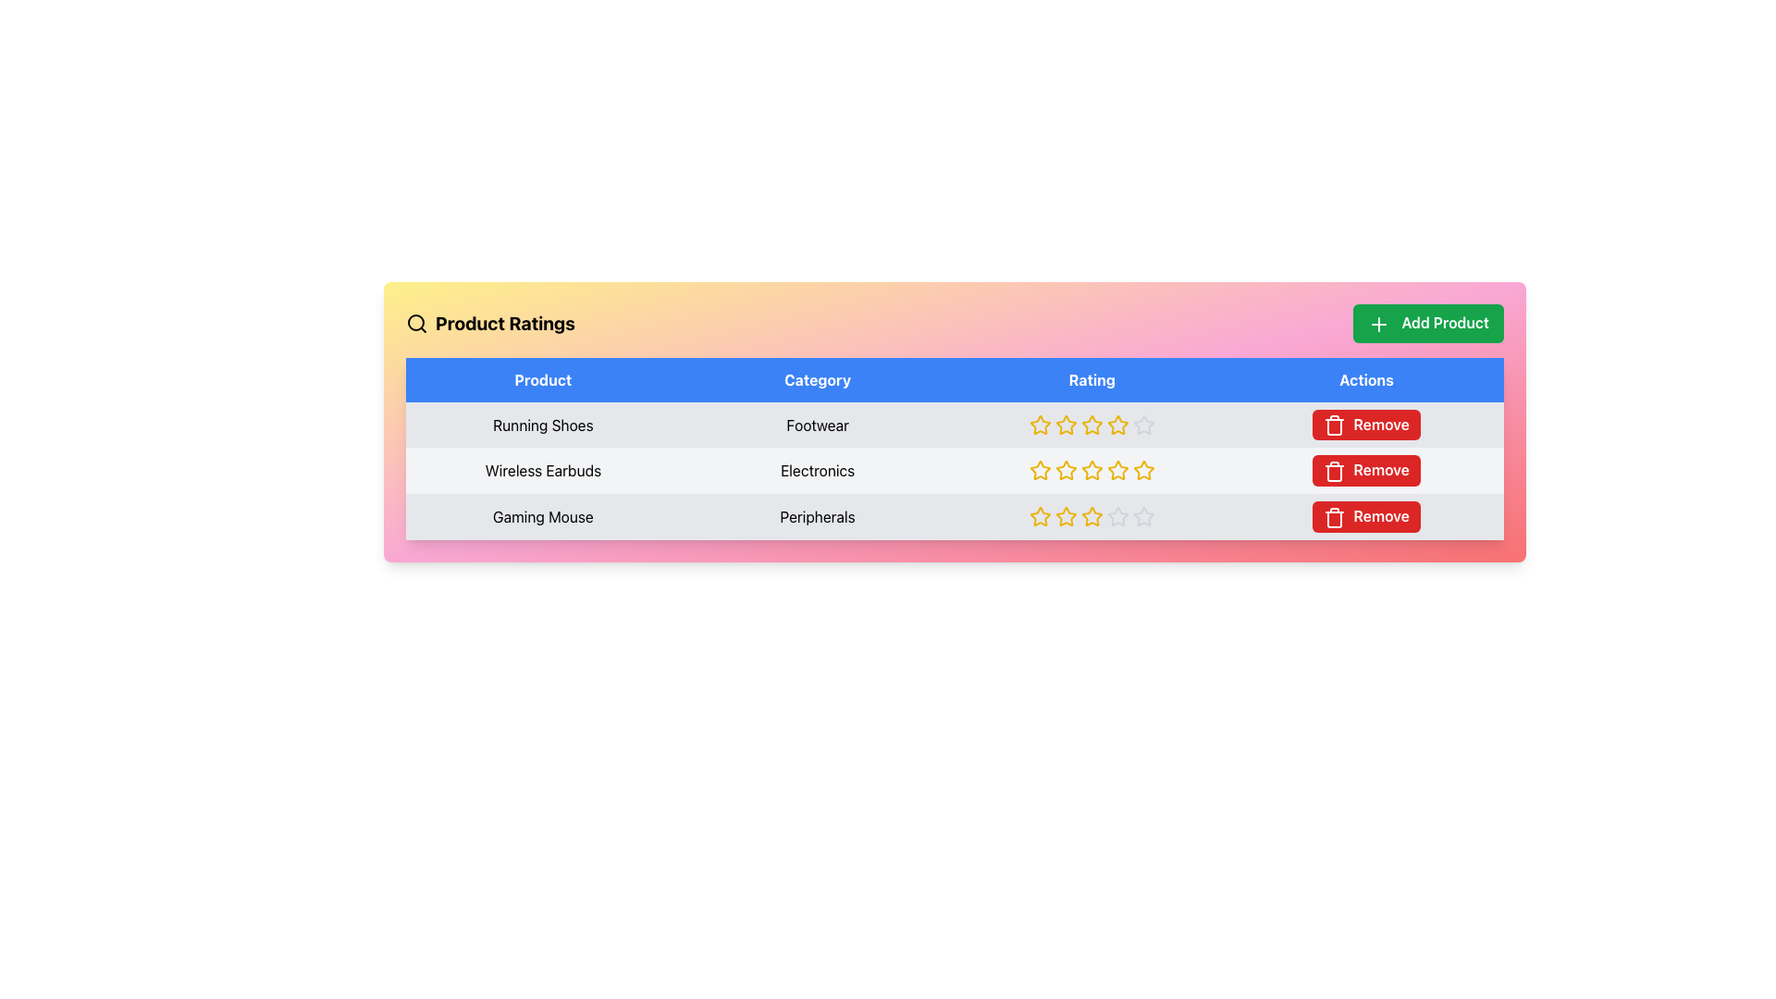 This screenshot has height=999, width=1776. What do you see at coordinates (1091, 469) in the screenshot?
I see `the third star icon in the 'Rating' column for 'Wireless Earbuds' in the product rating table` at bounding box center [1091, 469].